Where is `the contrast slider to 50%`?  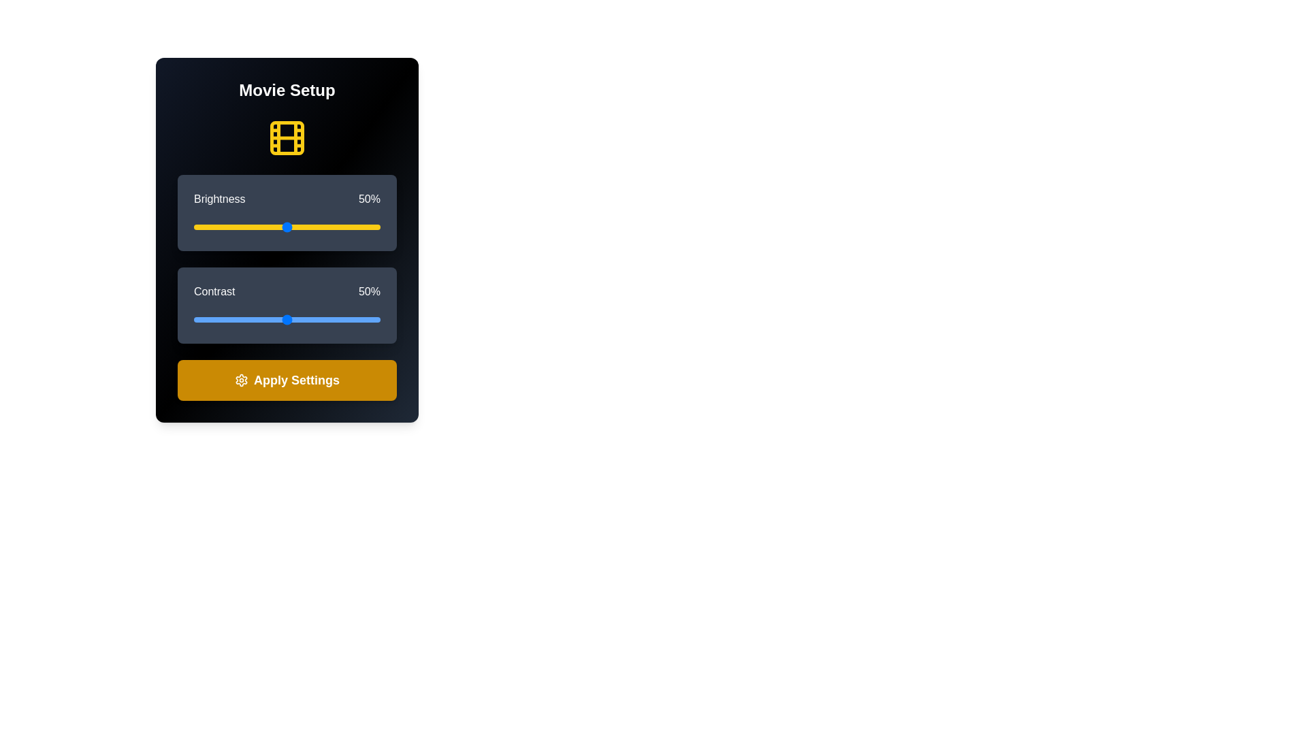 the contrast slider to 50% is located at coordinates (287, 320).